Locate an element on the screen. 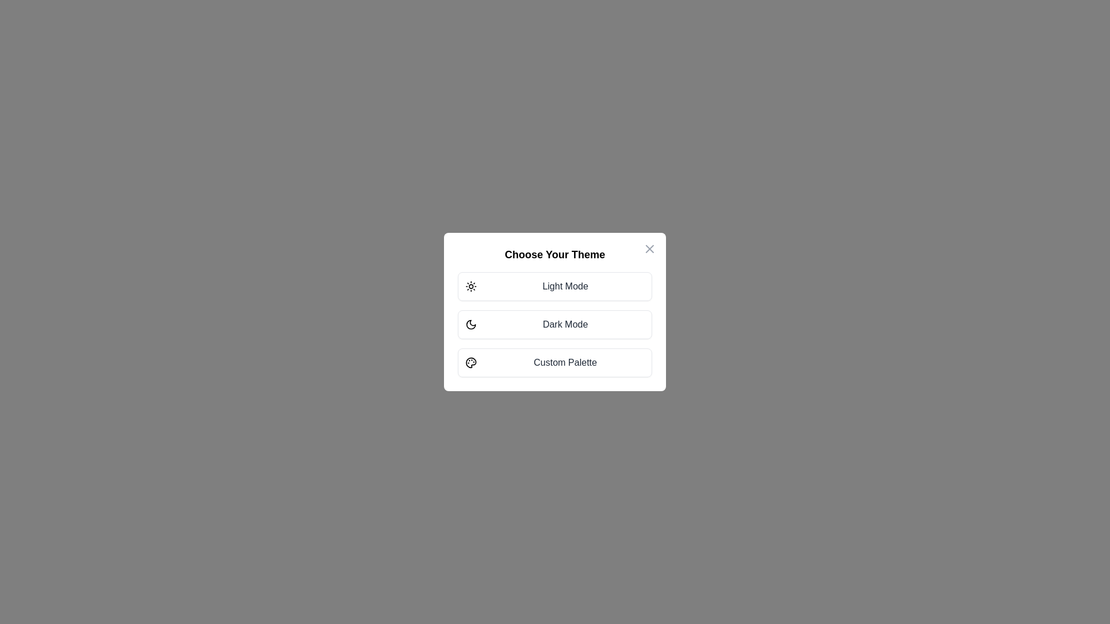 The image size is (1110, 624). the theme option Dark Mode is located at coordinates (555, 325).